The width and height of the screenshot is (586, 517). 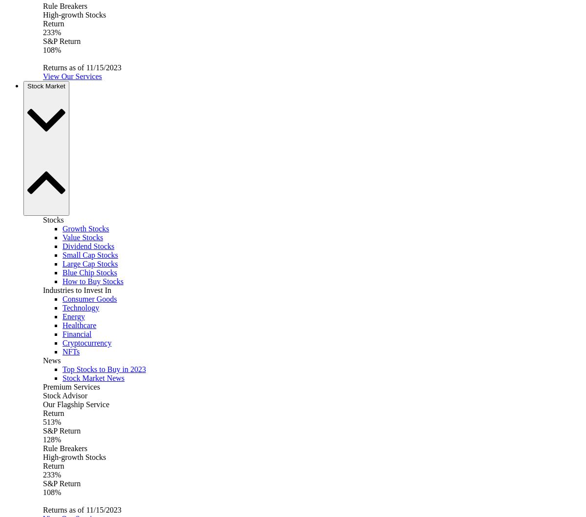 I want to click on 'Growth Stocks', so click(x=63, y=228).